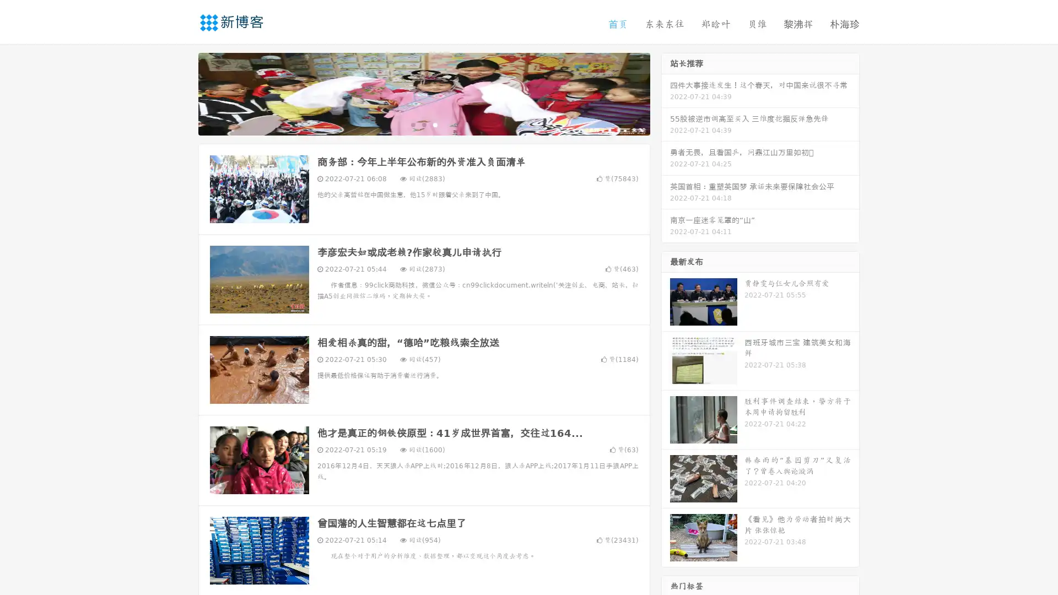  Describe the element at coordinates (435, 124) in the screenshot. I see `Go to slide 3` at that location.